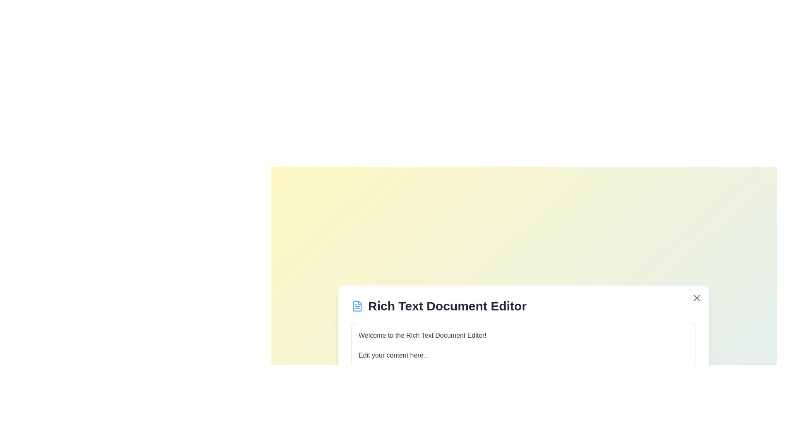  What do you see at coordinates (696, 297) in the screenshot?
I see `the close button to hide the dialog` at bounding box center [696, 297].